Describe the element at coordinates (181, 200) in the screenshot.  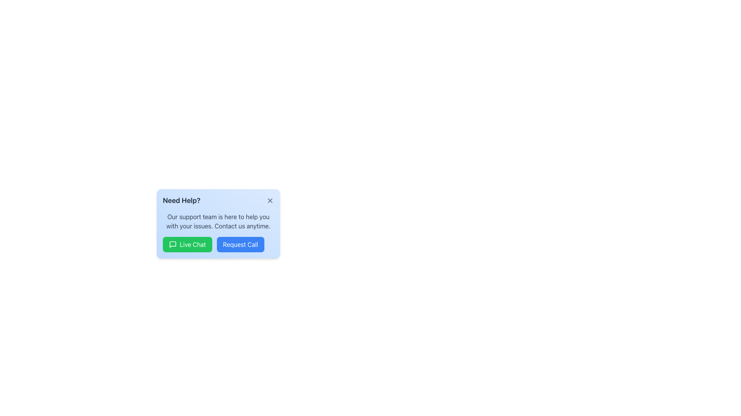
I see `the text label at the top-left corner of the support section to emphasize it` at that location.